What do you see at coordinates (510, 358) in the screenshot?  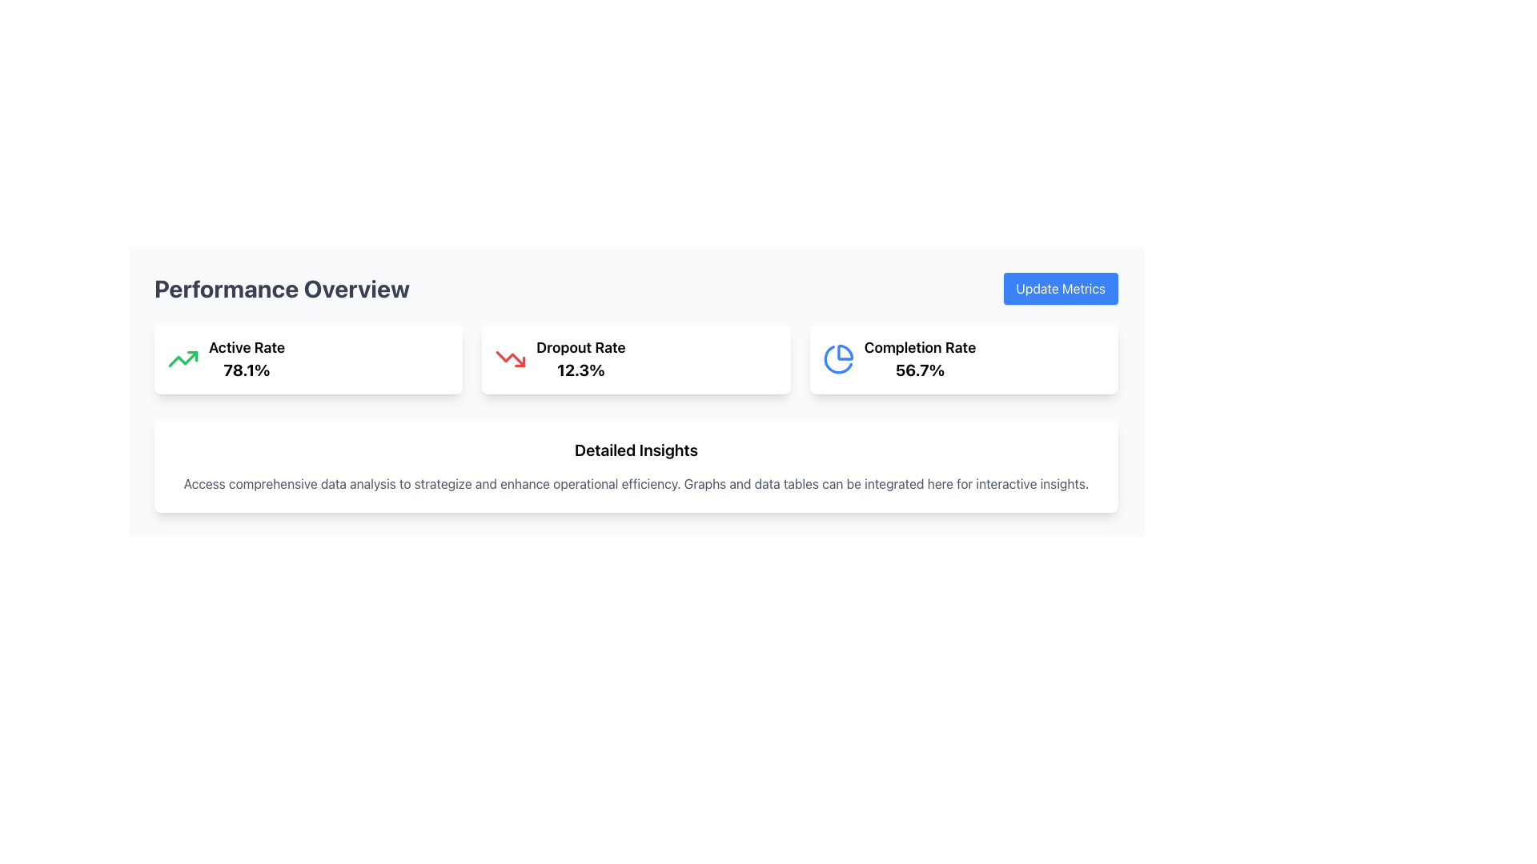 I see `red zigzag line icon representing the downward trend in the 'Dropout Rate' card, located in the middle of the SVG graphic under the 'Performance Overview' heading` at bounding box center [510, 358].